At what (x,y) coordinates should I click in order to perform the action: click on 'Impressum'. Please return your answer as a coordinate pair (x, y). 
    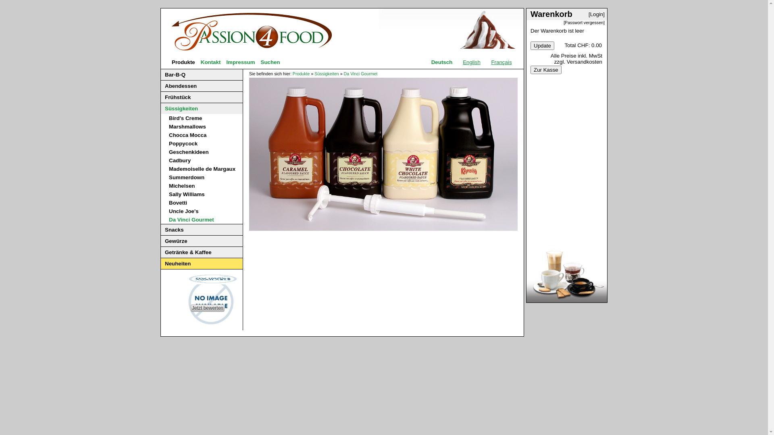
    Looking at the image, I should click on (240, 62).